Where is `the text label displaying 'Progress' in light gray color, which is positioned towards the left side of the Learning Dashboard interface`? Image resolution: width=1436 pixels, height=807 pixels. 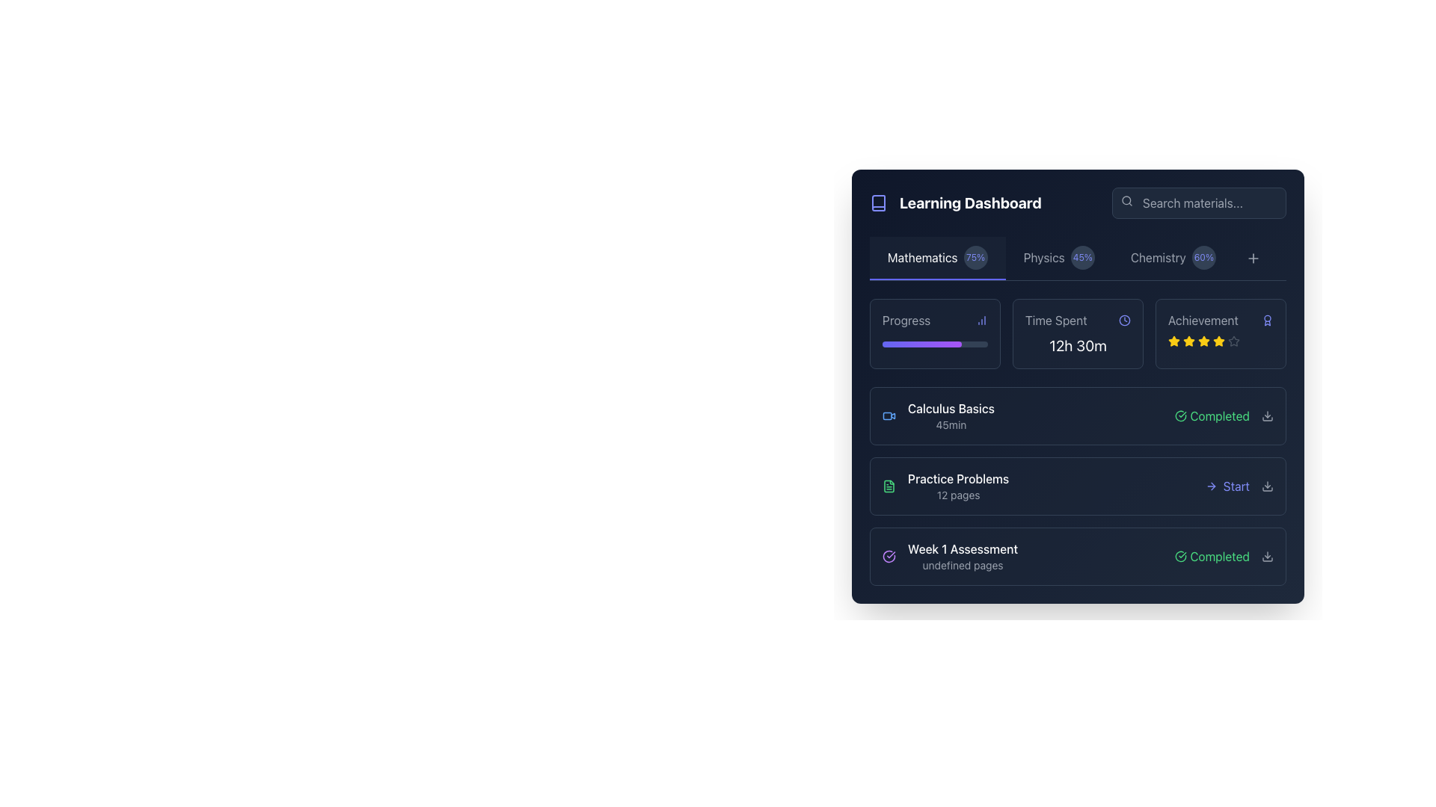
the text label displaying 'Progress' in light gray color, which is positioned towards the left side of the Learning Dashboard interface is located at coordinates (906, 319).